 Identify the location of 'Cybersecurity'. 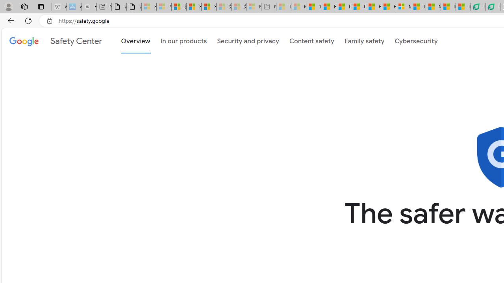
(416, 40).